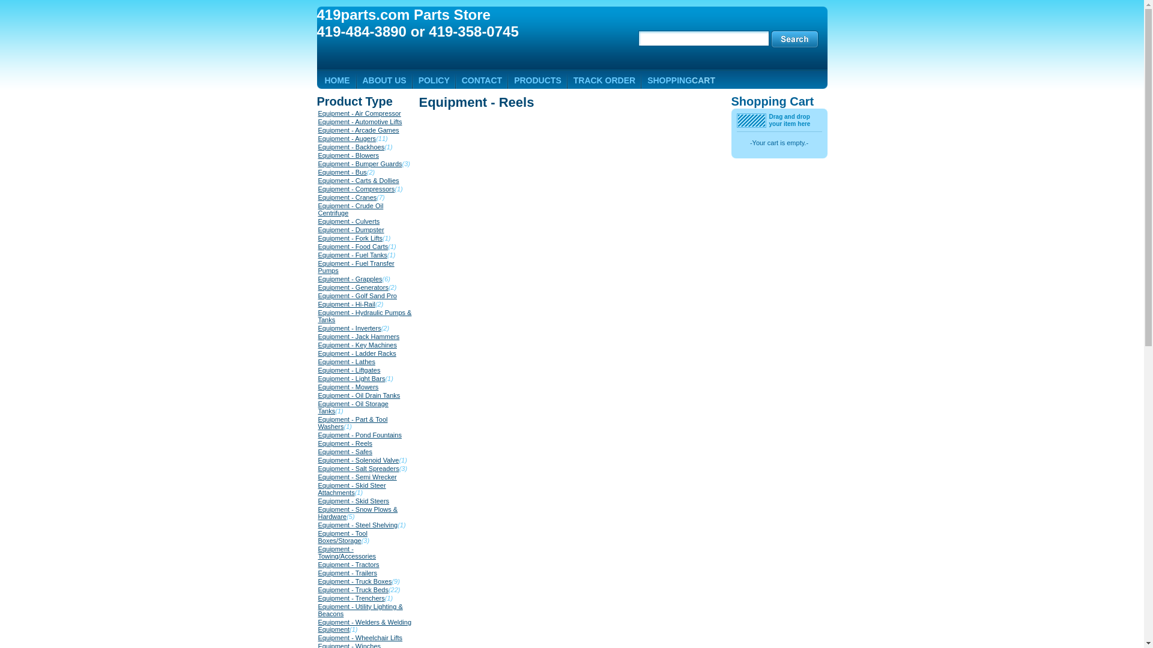  Describe the element at coordinates (346, 303) in the screenshot. I see `'Equipment - Hi-Rail'` at that location.